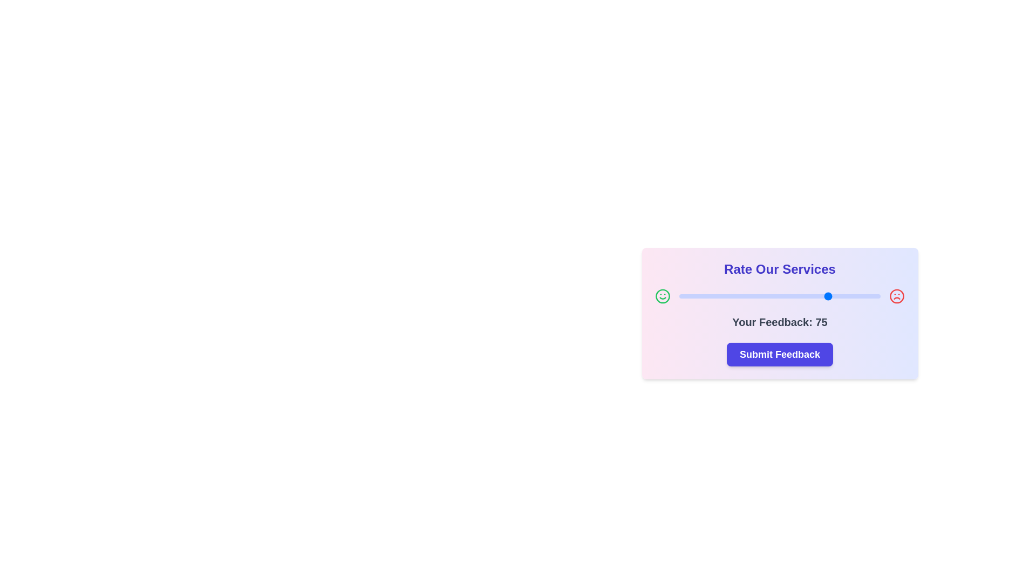 The height and width of the screenshot is (582, 1036). I want to click on the frown icon to adjust the feedback slider, so click(897, 296).